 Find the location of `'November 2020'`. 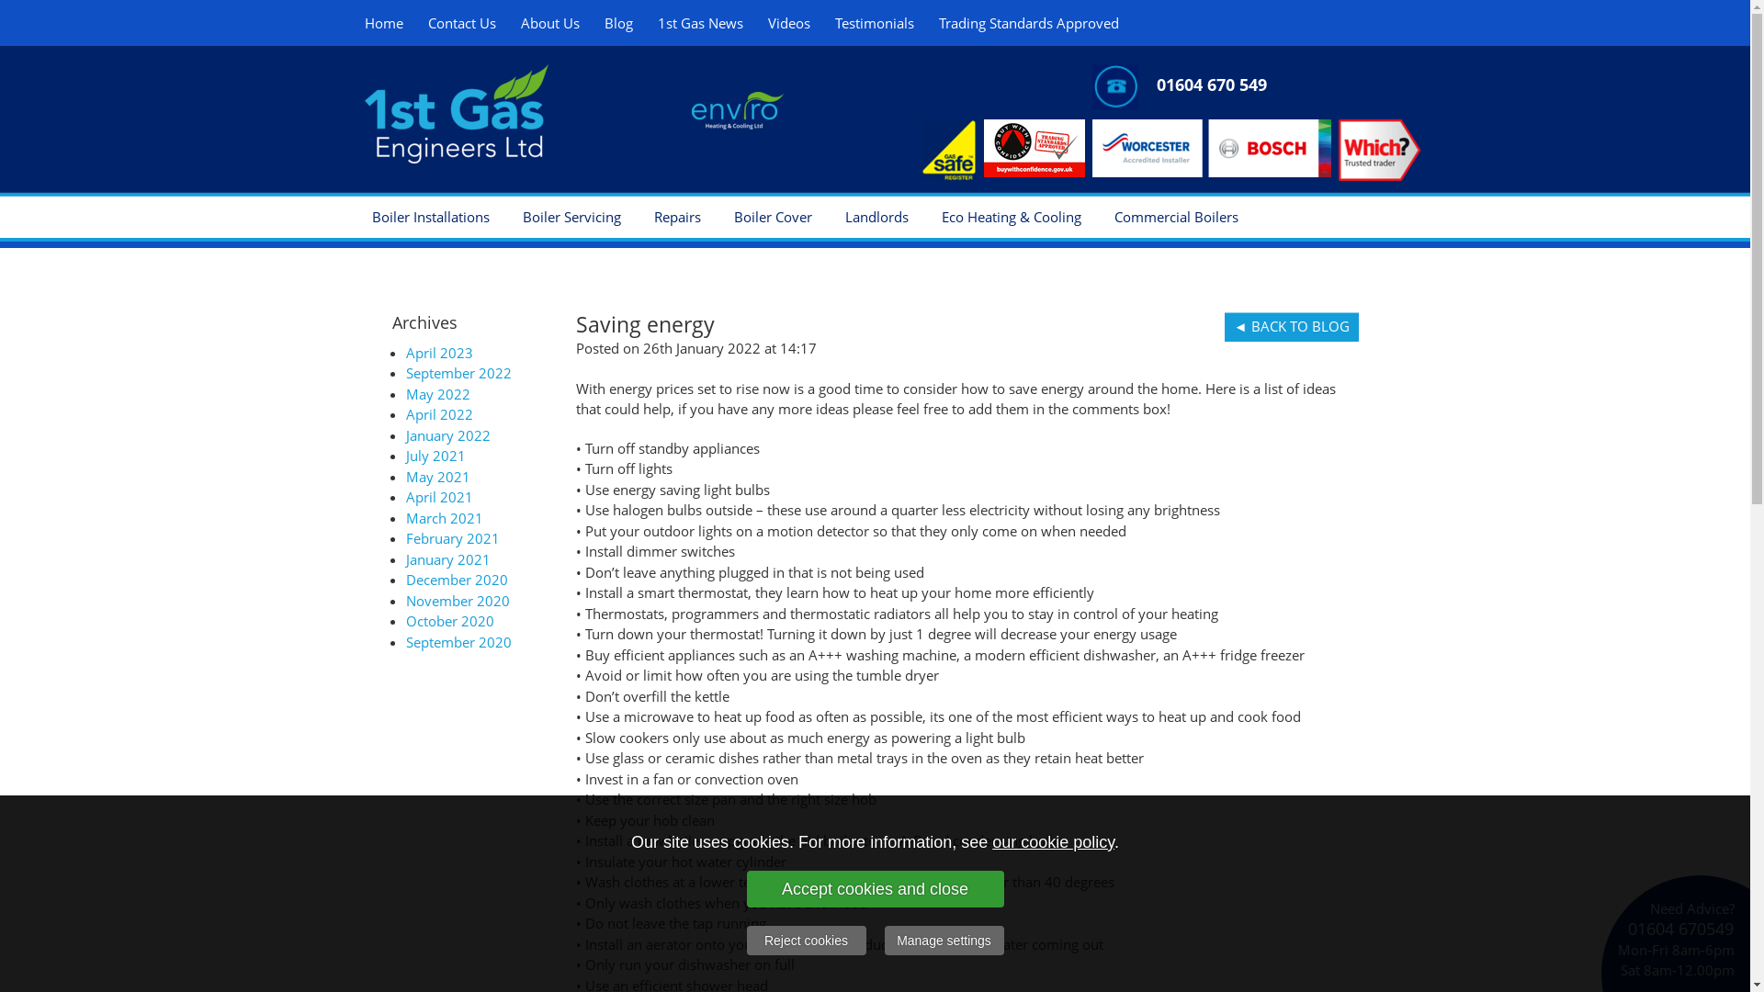

'November 2020' is located at coordinates (458, 601).